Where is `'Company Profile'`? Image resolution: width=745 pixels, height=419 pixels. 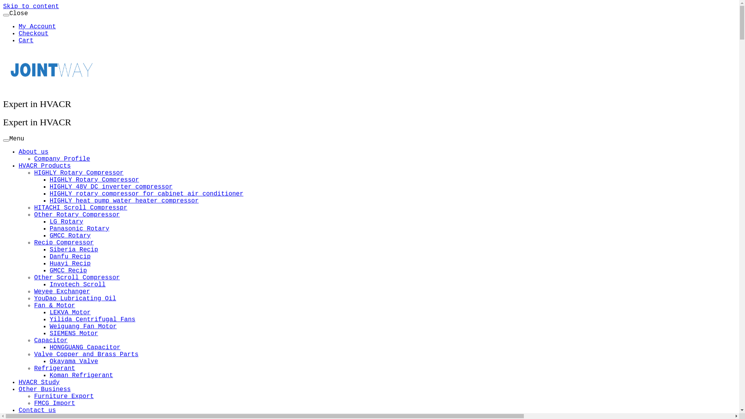
'Company Profile' is located at coordinates (61, 158).